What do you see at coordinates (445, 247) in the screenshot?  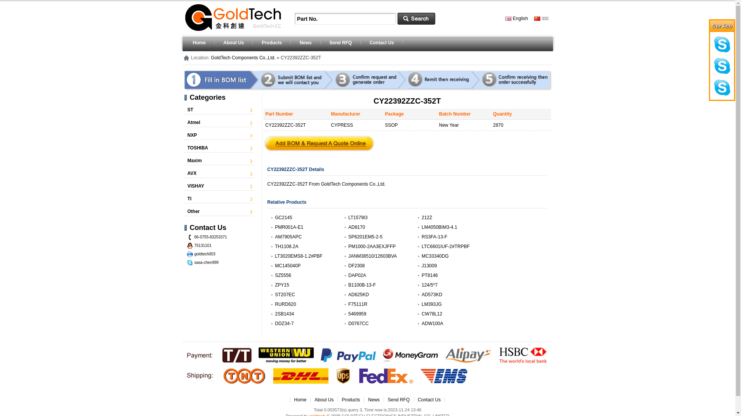 I see `'LTC6601IUF-2#TRPBF'` at bounding box center [445, 247].